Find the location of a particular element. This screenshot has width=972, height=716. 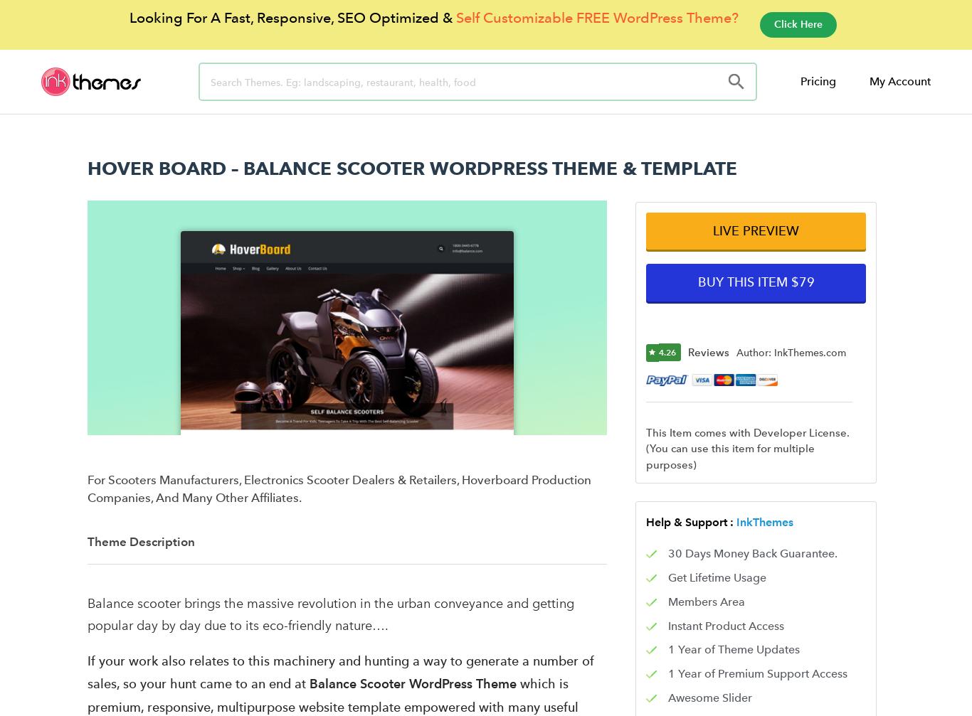

'4.26' is located at coordinates (667, 351).